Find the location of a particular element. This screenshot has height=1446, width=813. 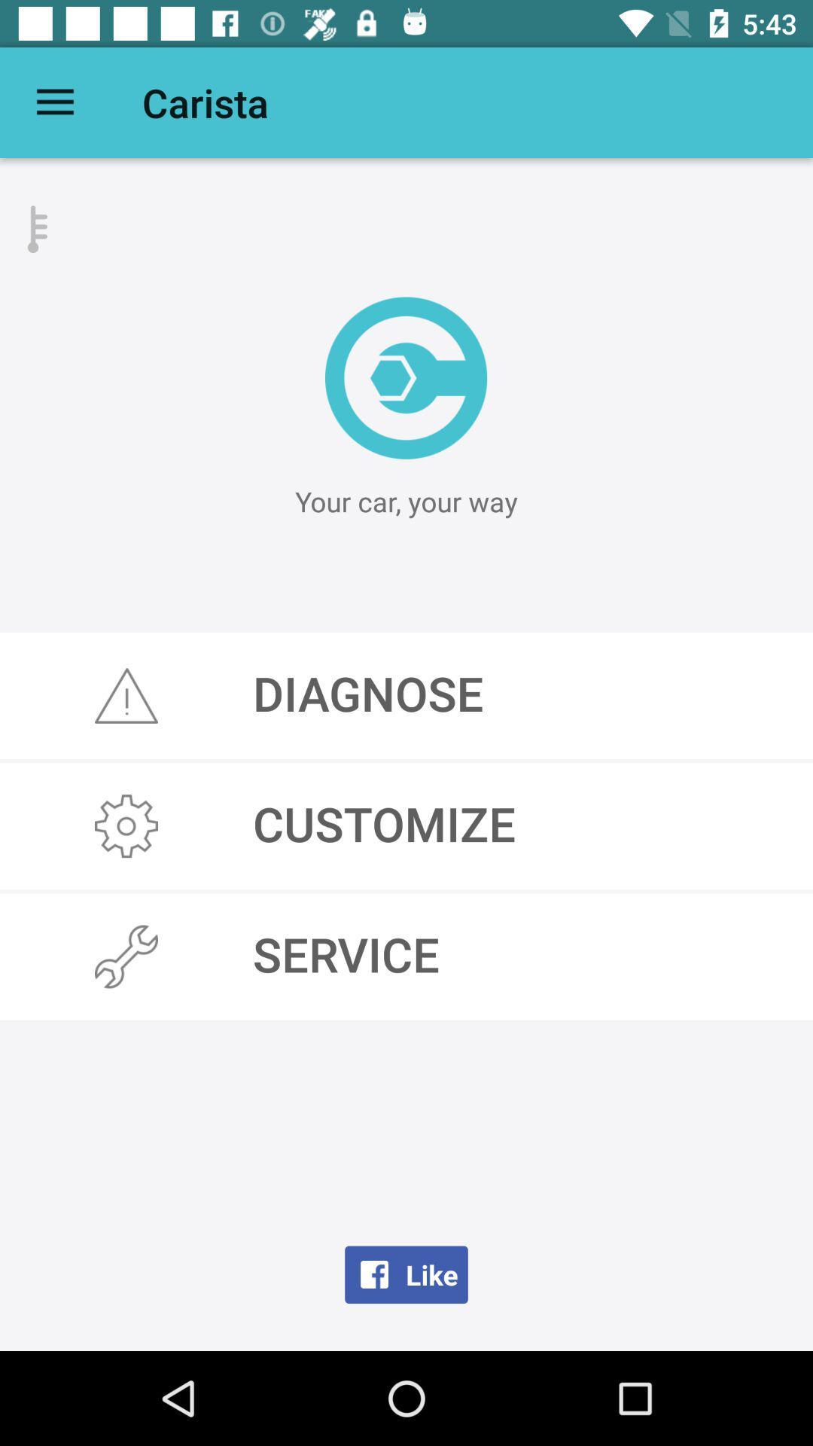

item next to carista icon is located at coordinates (54, 102).